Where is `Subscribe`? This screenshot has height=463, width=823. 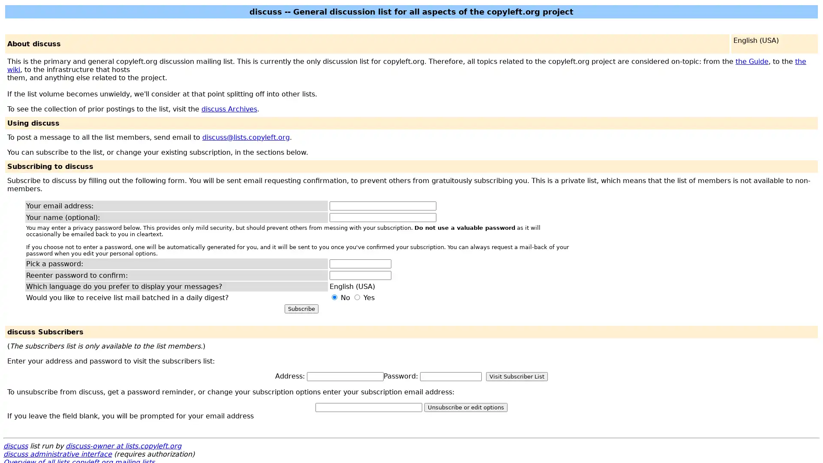 Subscribe is located at coordinates (301, 309).